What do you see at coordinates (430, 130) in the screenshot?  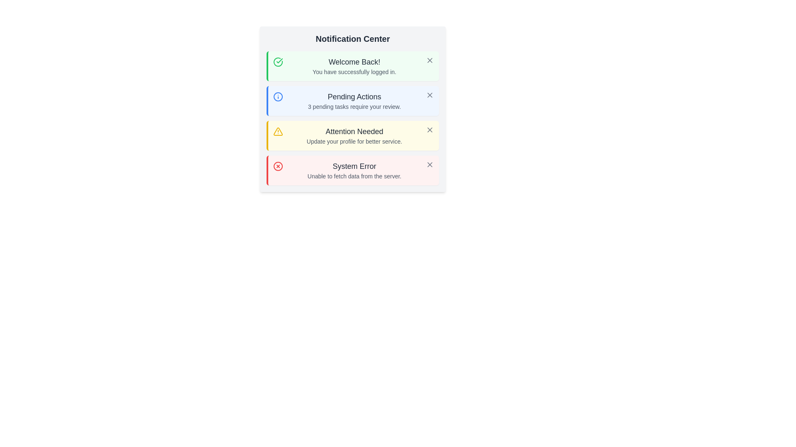 I see `the interactive icon button styled as a small gray 'X' positioned on the right edge of the yellow notification labeled 'Attention Needed' to trigger its hover effects` at bounding box center [430, 130].